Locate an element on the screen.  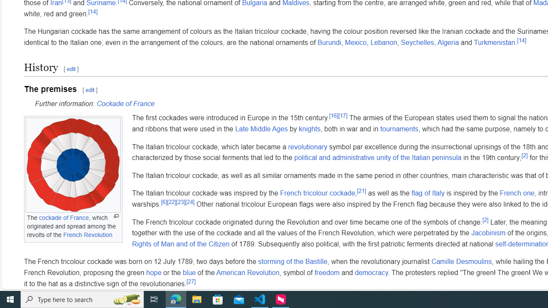
'flag of Italy' is located at coordinates (428, 193).